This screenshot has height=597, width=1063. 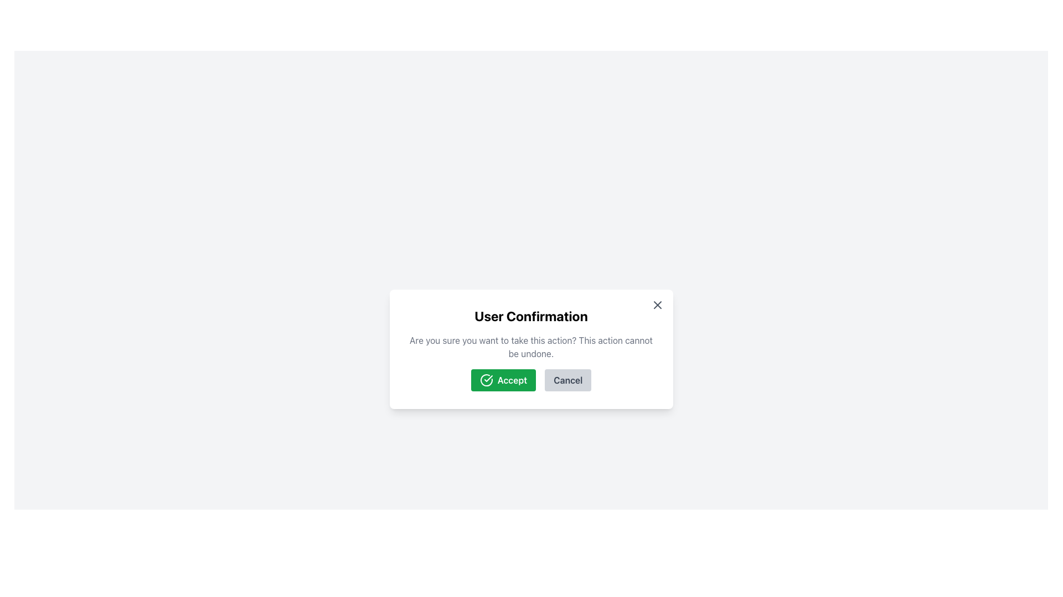 What do you see at coordinates (568, 379) in the screenshot?
I see `the cancel button located to the right of the 'Accept' button in the modal dialog` at bounding box center [568, 379].